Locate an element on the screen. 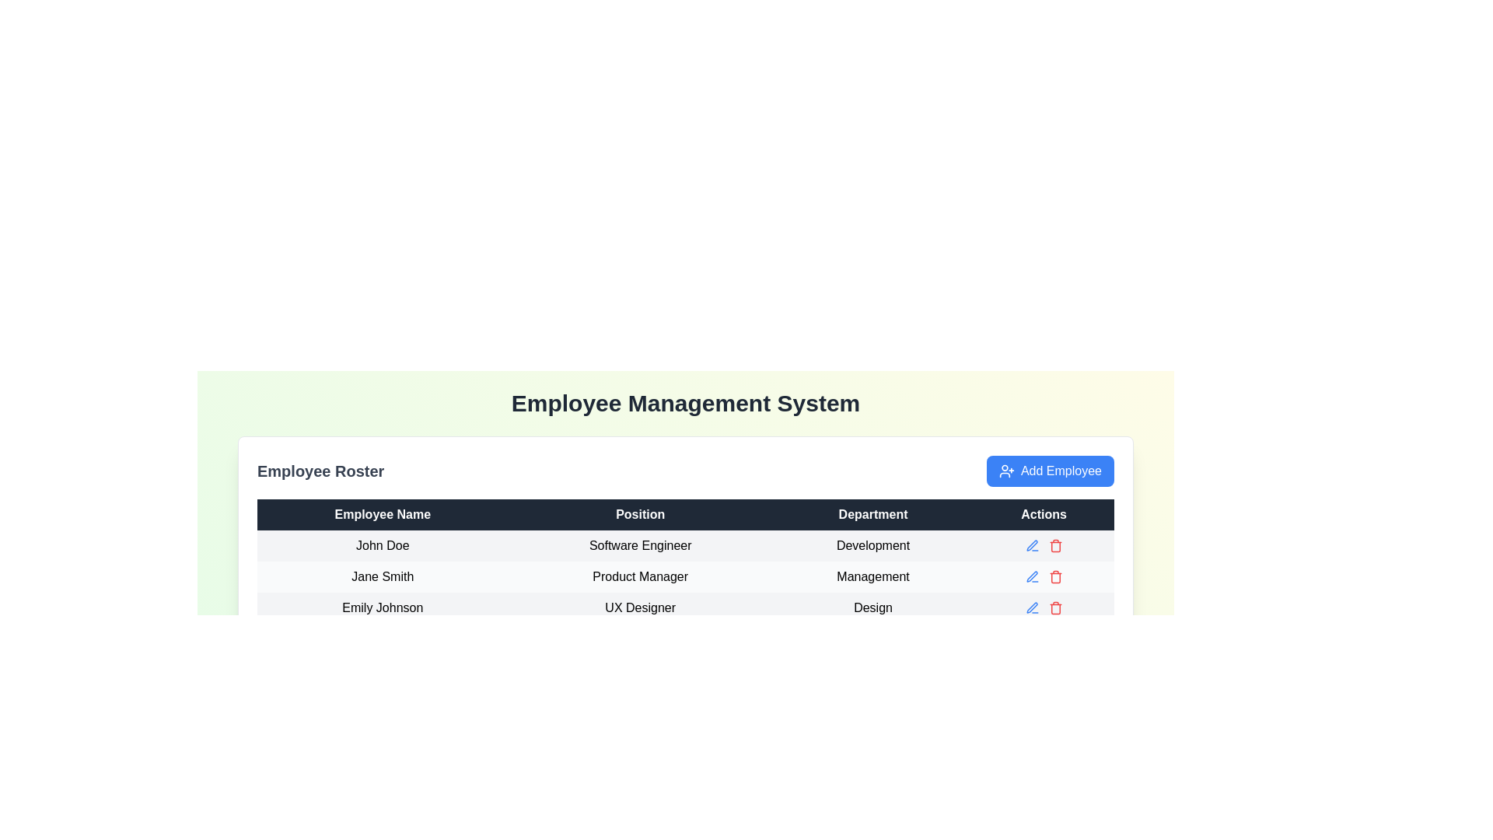  the edit button located in the 'Actions' column of the third row associated with the 'Emily Johnson' entry in the 'Design' department is located at coordinates (1032, 607).